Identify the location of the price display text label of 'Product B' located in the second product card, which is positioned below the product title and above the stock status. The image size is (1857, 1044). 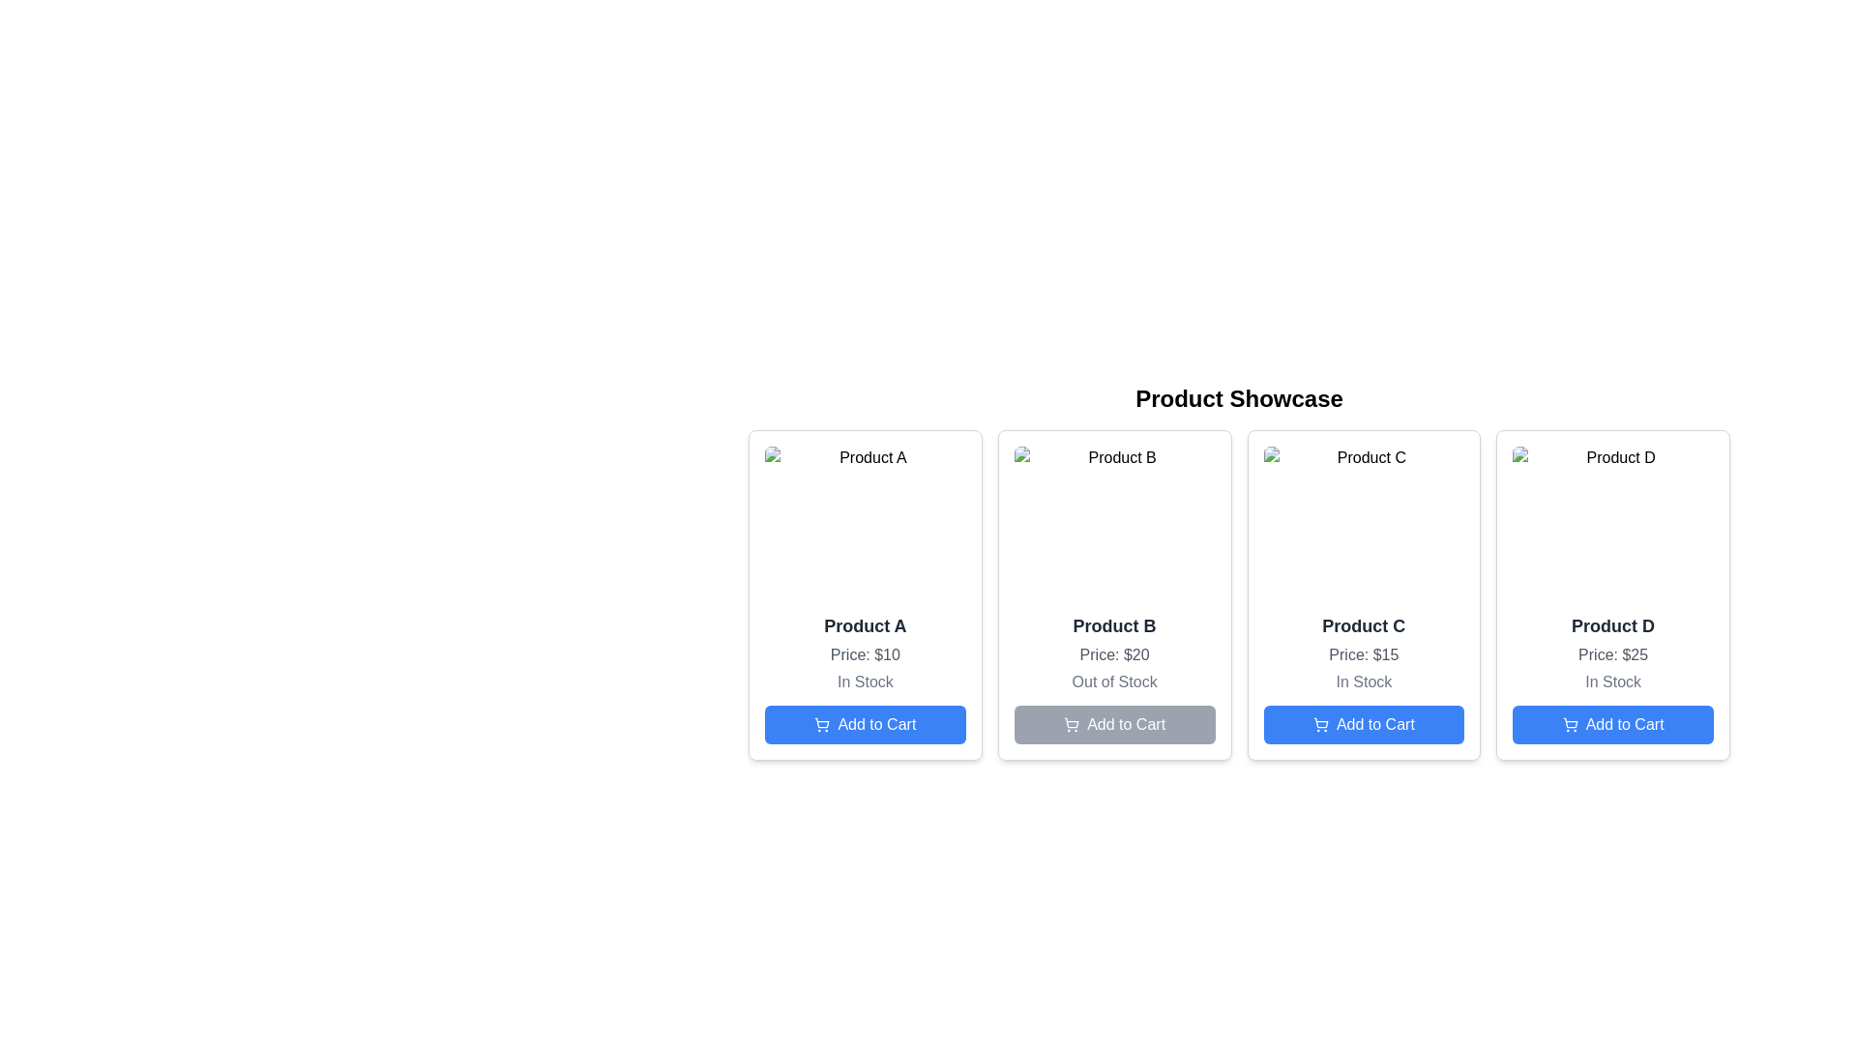
(1114, 654).